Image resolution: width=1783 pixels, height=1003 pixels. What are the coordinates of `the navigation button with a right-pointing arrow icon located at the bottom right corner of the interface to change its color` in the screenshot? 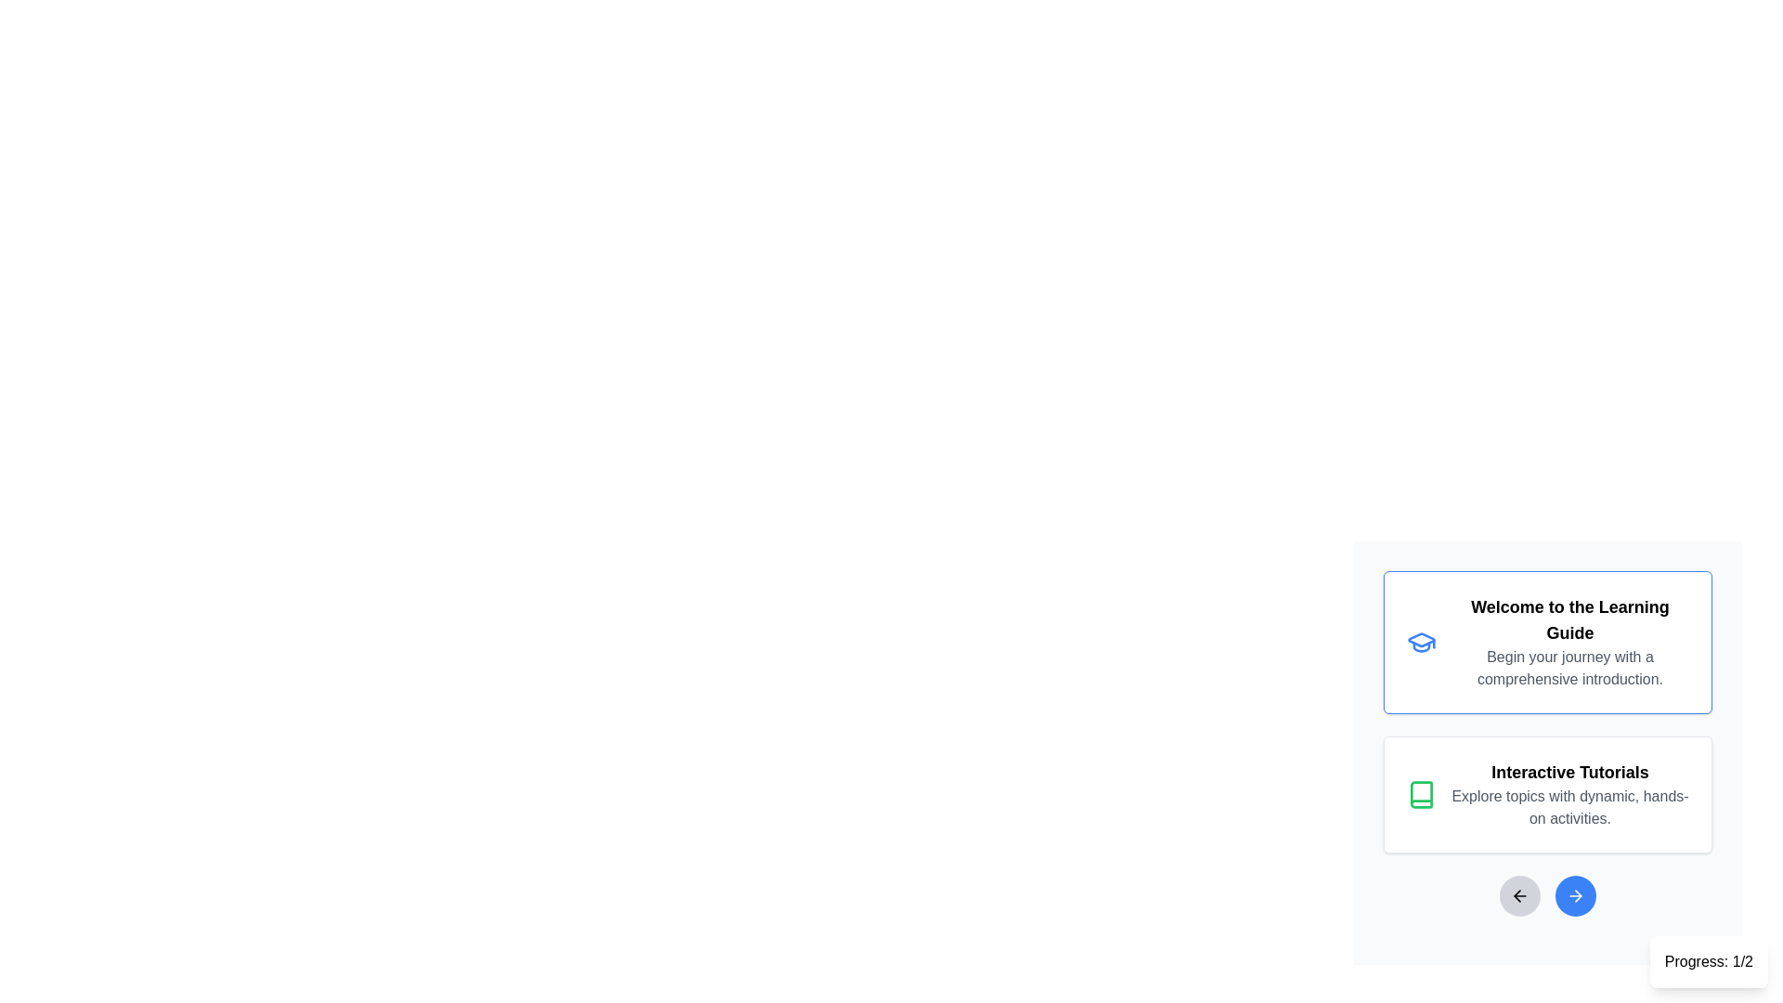 It's located at (1575, 894).